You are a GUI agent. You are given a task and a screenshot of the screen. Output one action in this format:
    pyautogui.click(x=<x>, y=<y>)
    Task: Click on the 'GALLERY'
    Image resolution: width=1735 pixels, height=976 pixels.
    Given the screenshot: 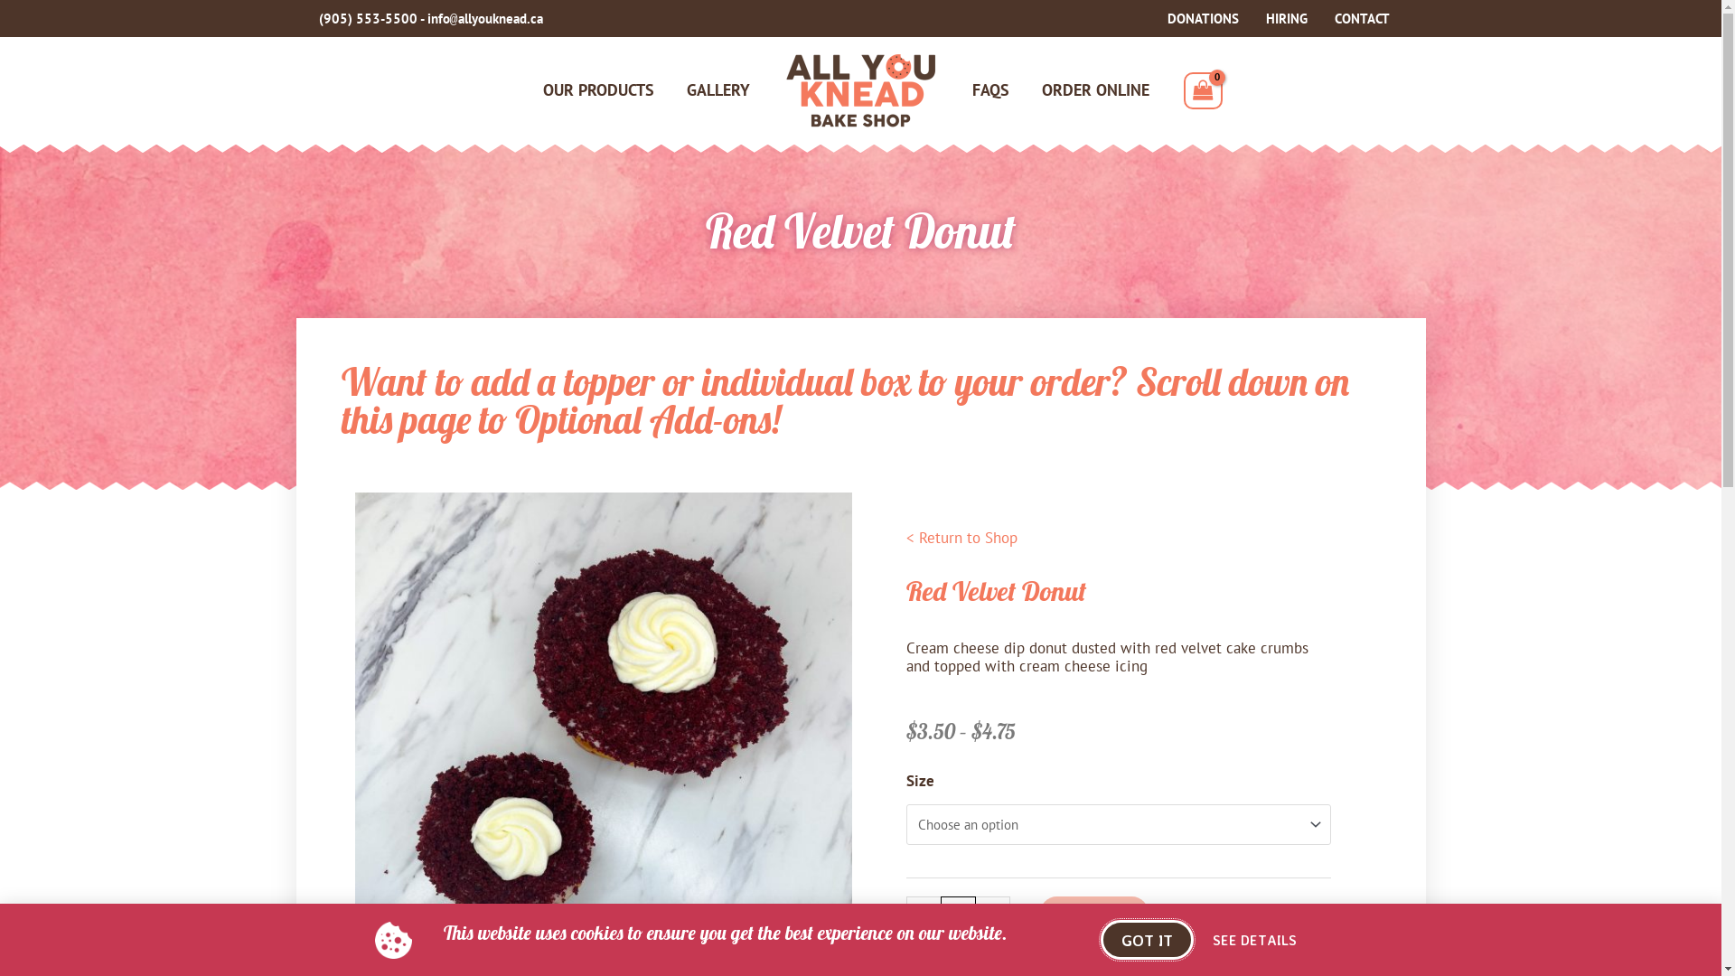 What is the action you would take?
    pyautogui.click(x=717, y=90)
    